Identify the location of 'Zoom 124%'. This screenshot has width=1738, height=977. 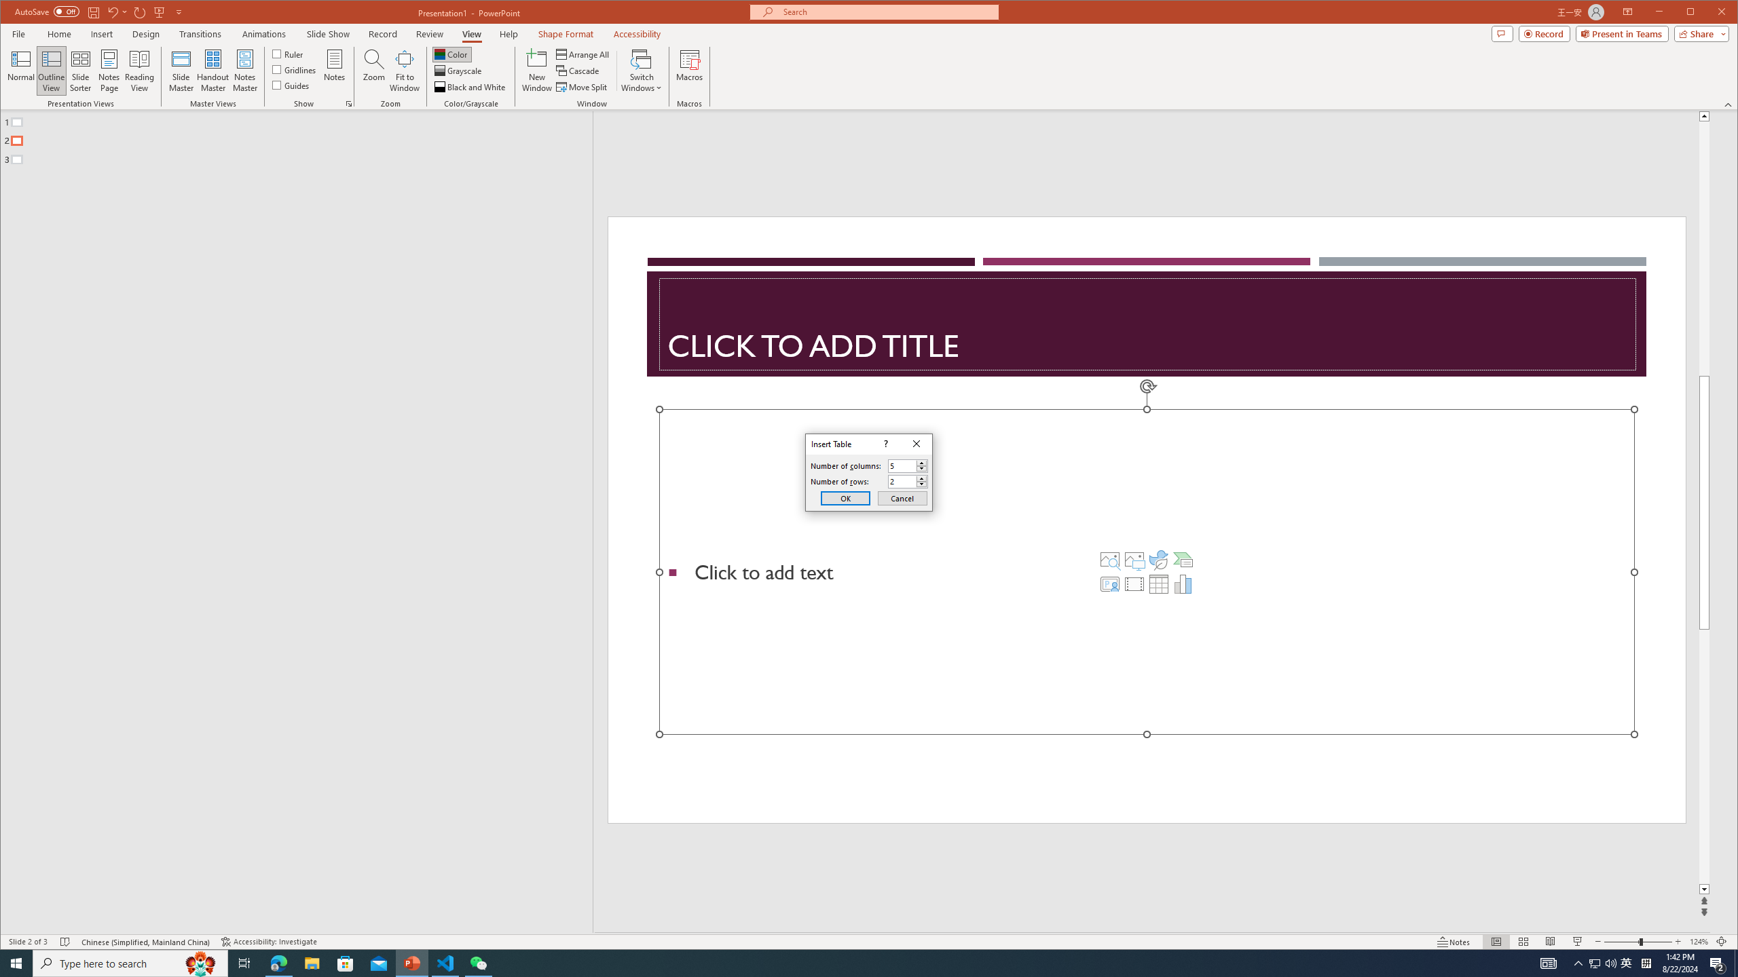
(1699, 941).